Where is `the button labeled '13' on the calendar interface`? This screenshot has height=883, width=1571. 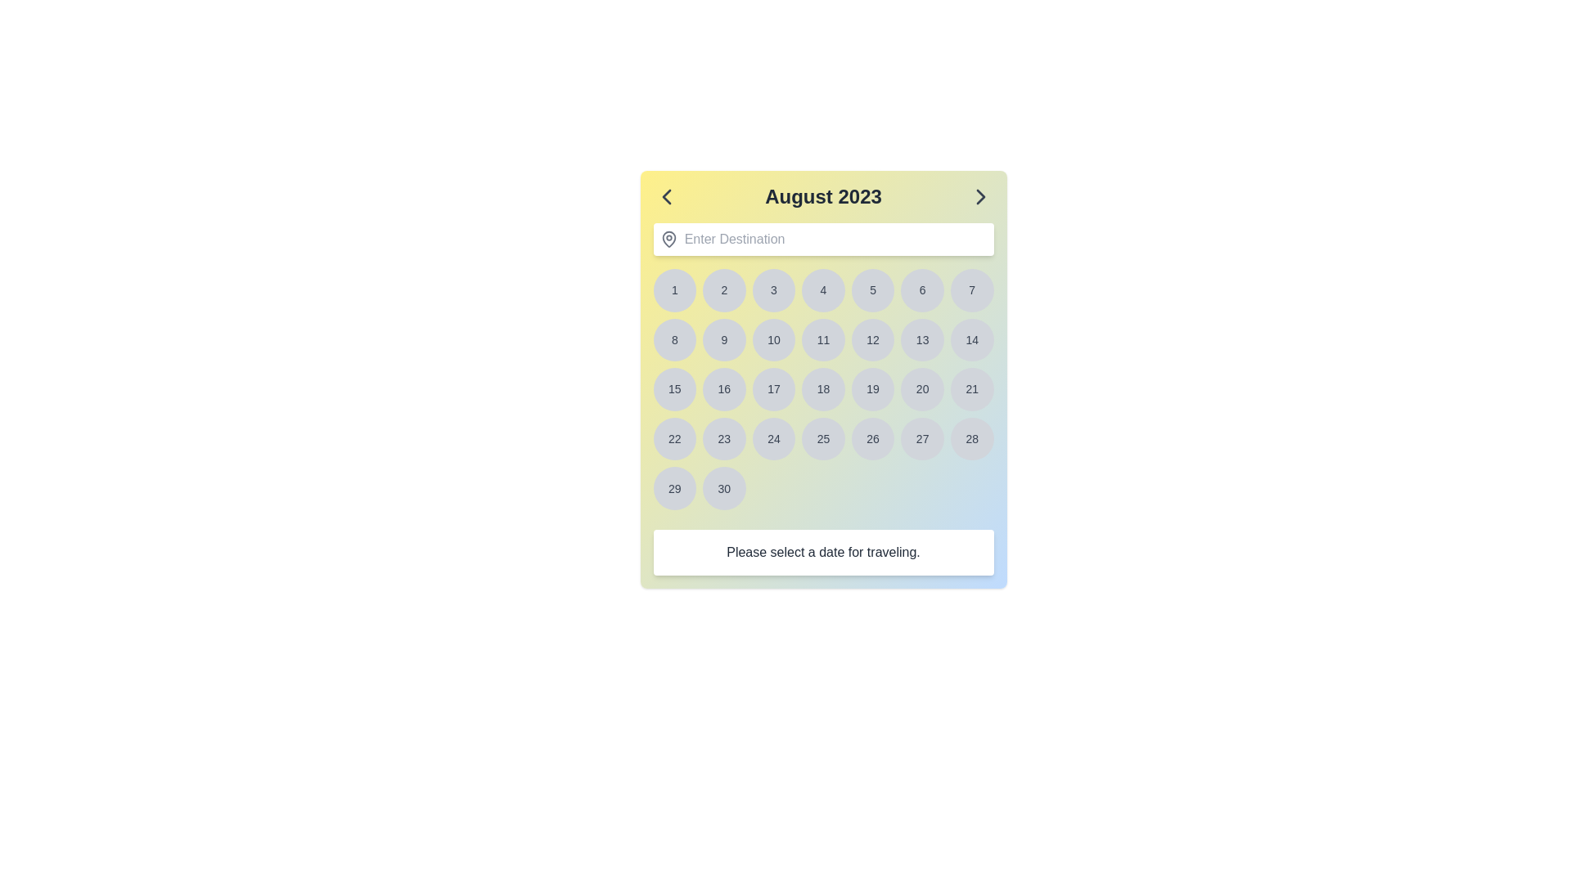
the button labeled '13' on the calendar interface is located at coordinates (922, 338).